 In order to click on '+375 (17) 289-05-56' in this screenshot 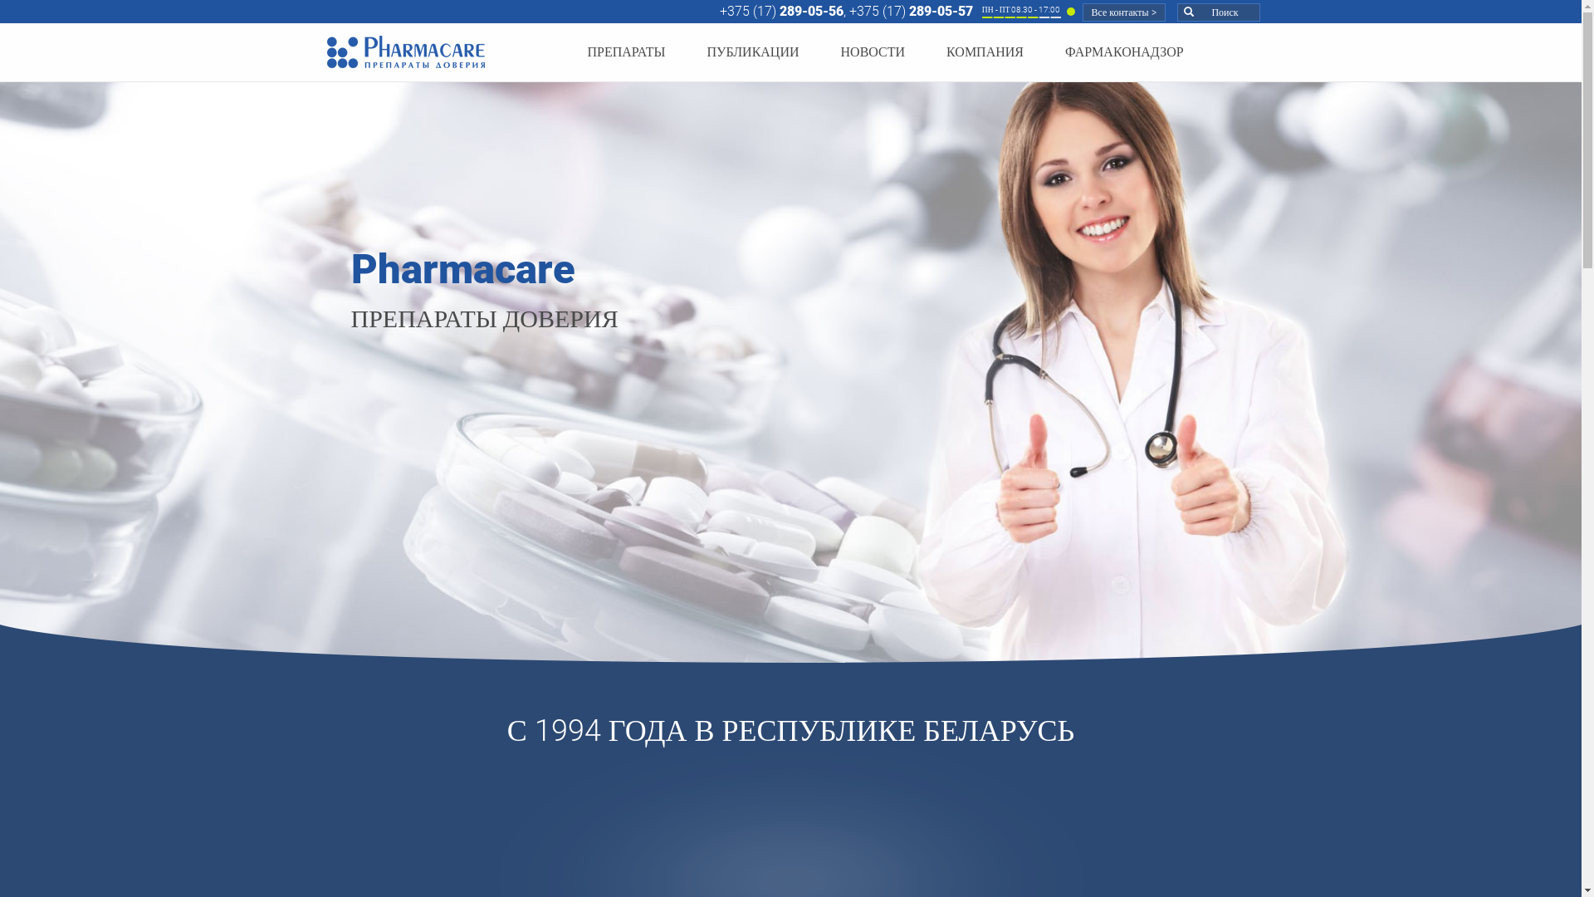, I will do `click(780, 11)`.